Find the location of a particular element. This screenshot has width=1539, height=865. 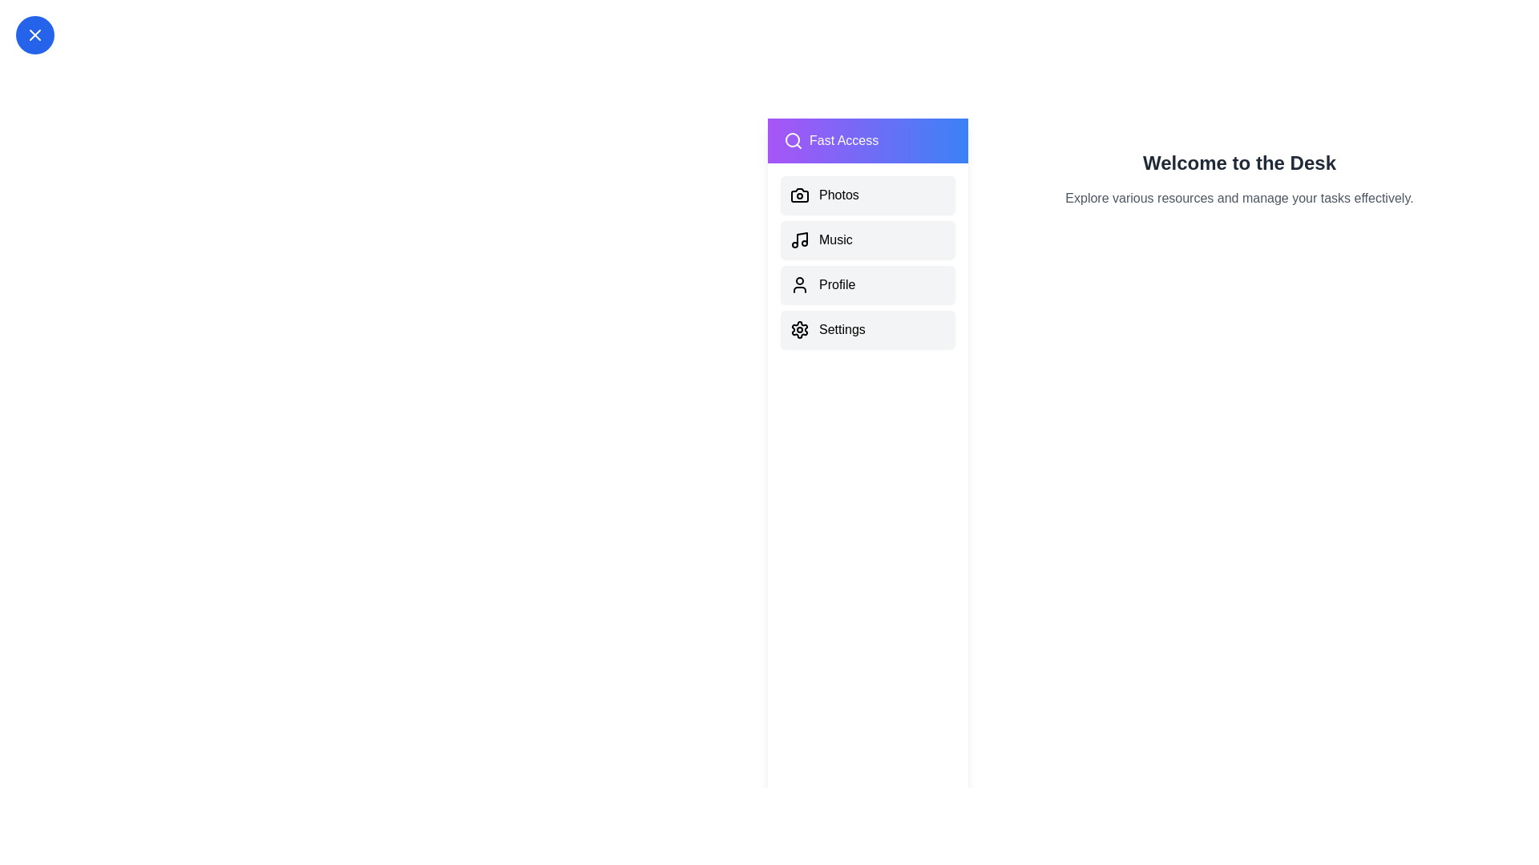

the drawer item labeled Photos is located at coordinates (867, 194).